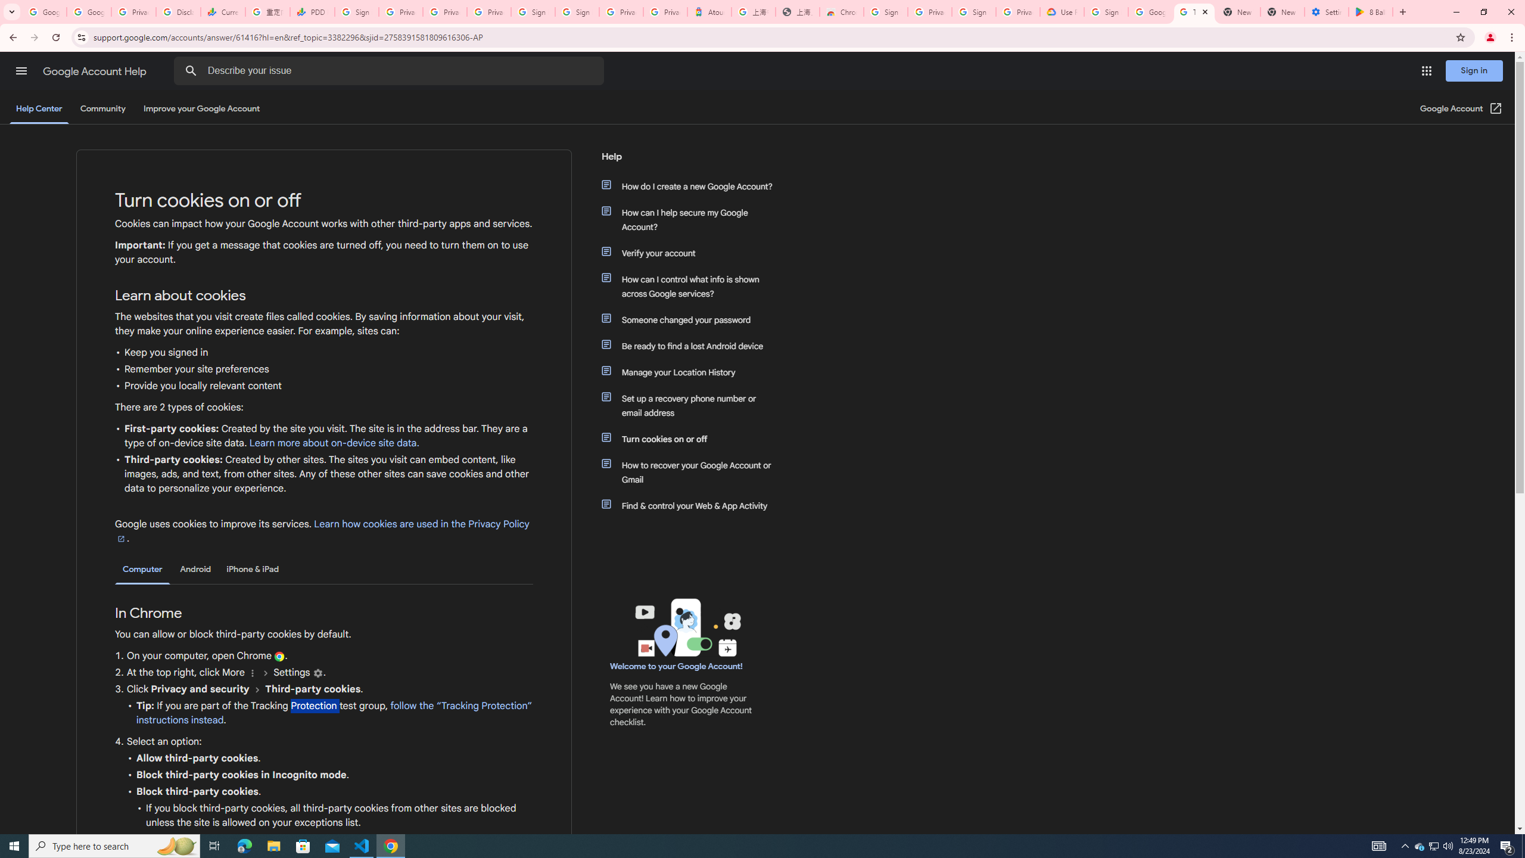 The width and height of the screenshot is (1525, 858). What do you see at coordinates (692, 346) in the screenshot?
I see `'Be ready to find a lost Android device'` at bounding box center [692, 346].